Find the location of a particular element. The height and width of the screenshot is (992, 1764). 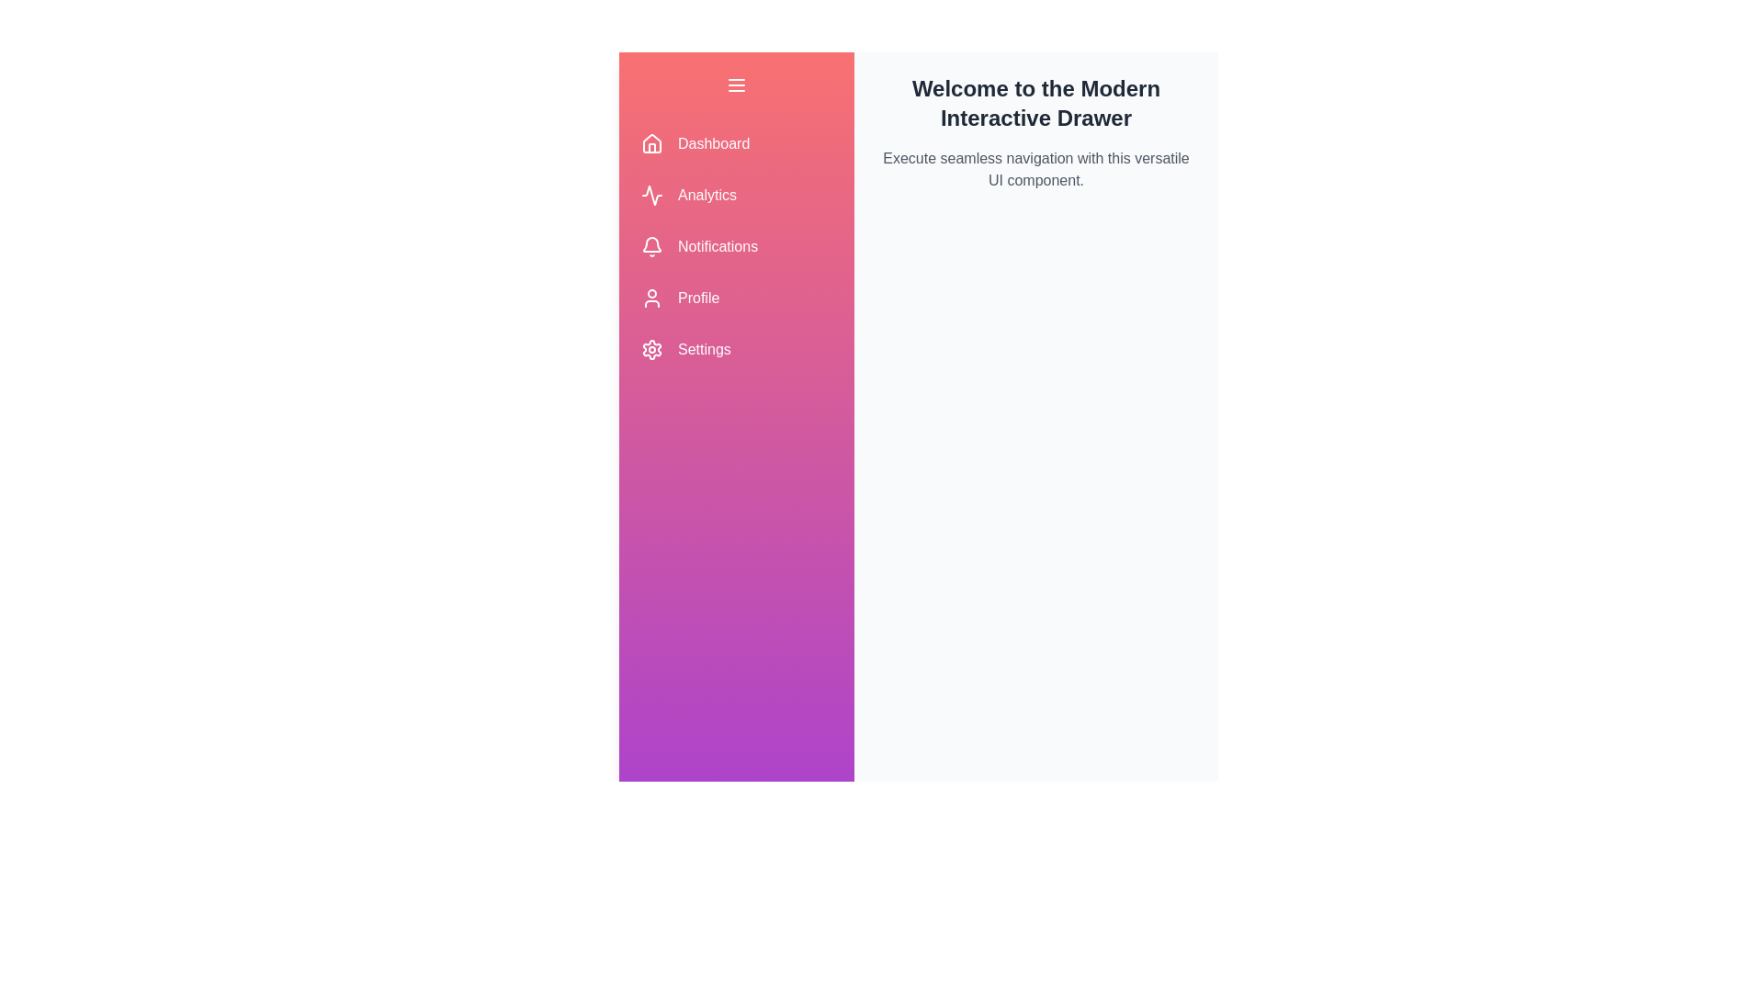

the navigation item labeled 'Profile' to observe visual changes is located at coordinates (736, 297).